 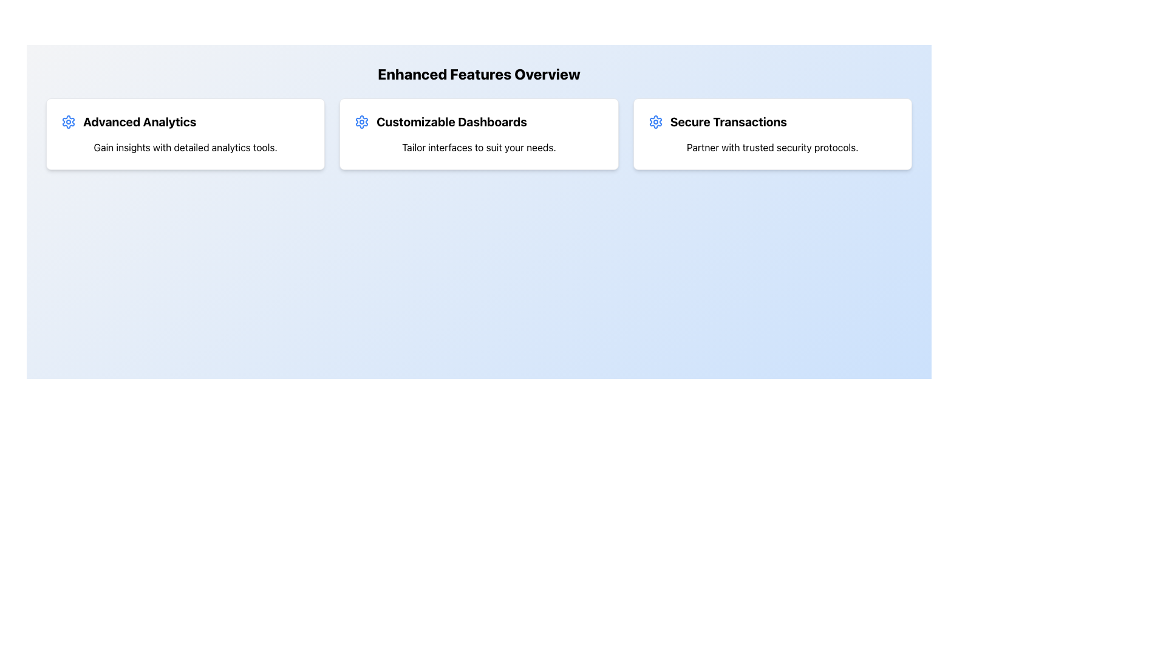 I want to click on the 'Advanced Analytics' informational card, which is the first card in a series of three horizontally arranged cards in a grid layout, so click(x=185, y=134).